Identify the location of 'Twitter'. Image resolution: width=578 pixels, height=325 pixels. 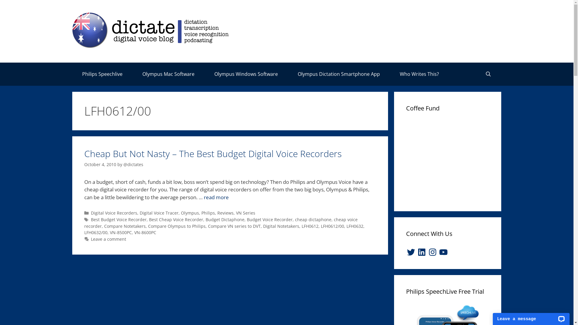
(410, 252).